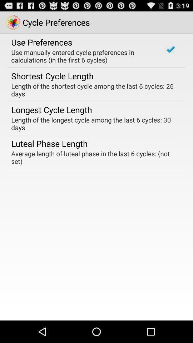  I want to click on use manually entered icon, so click(82, 56).